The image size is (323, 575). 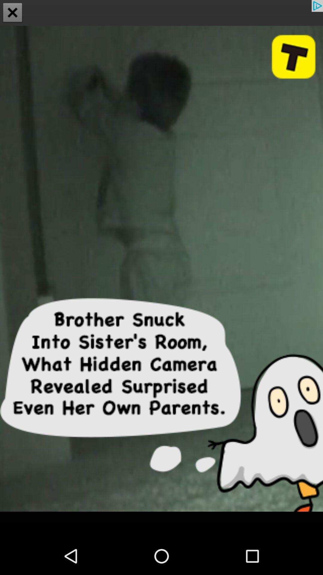 What do you see at coordinates (13, 13) in the screenshot?
I see `the close icon` at bounding box center [13, 13].